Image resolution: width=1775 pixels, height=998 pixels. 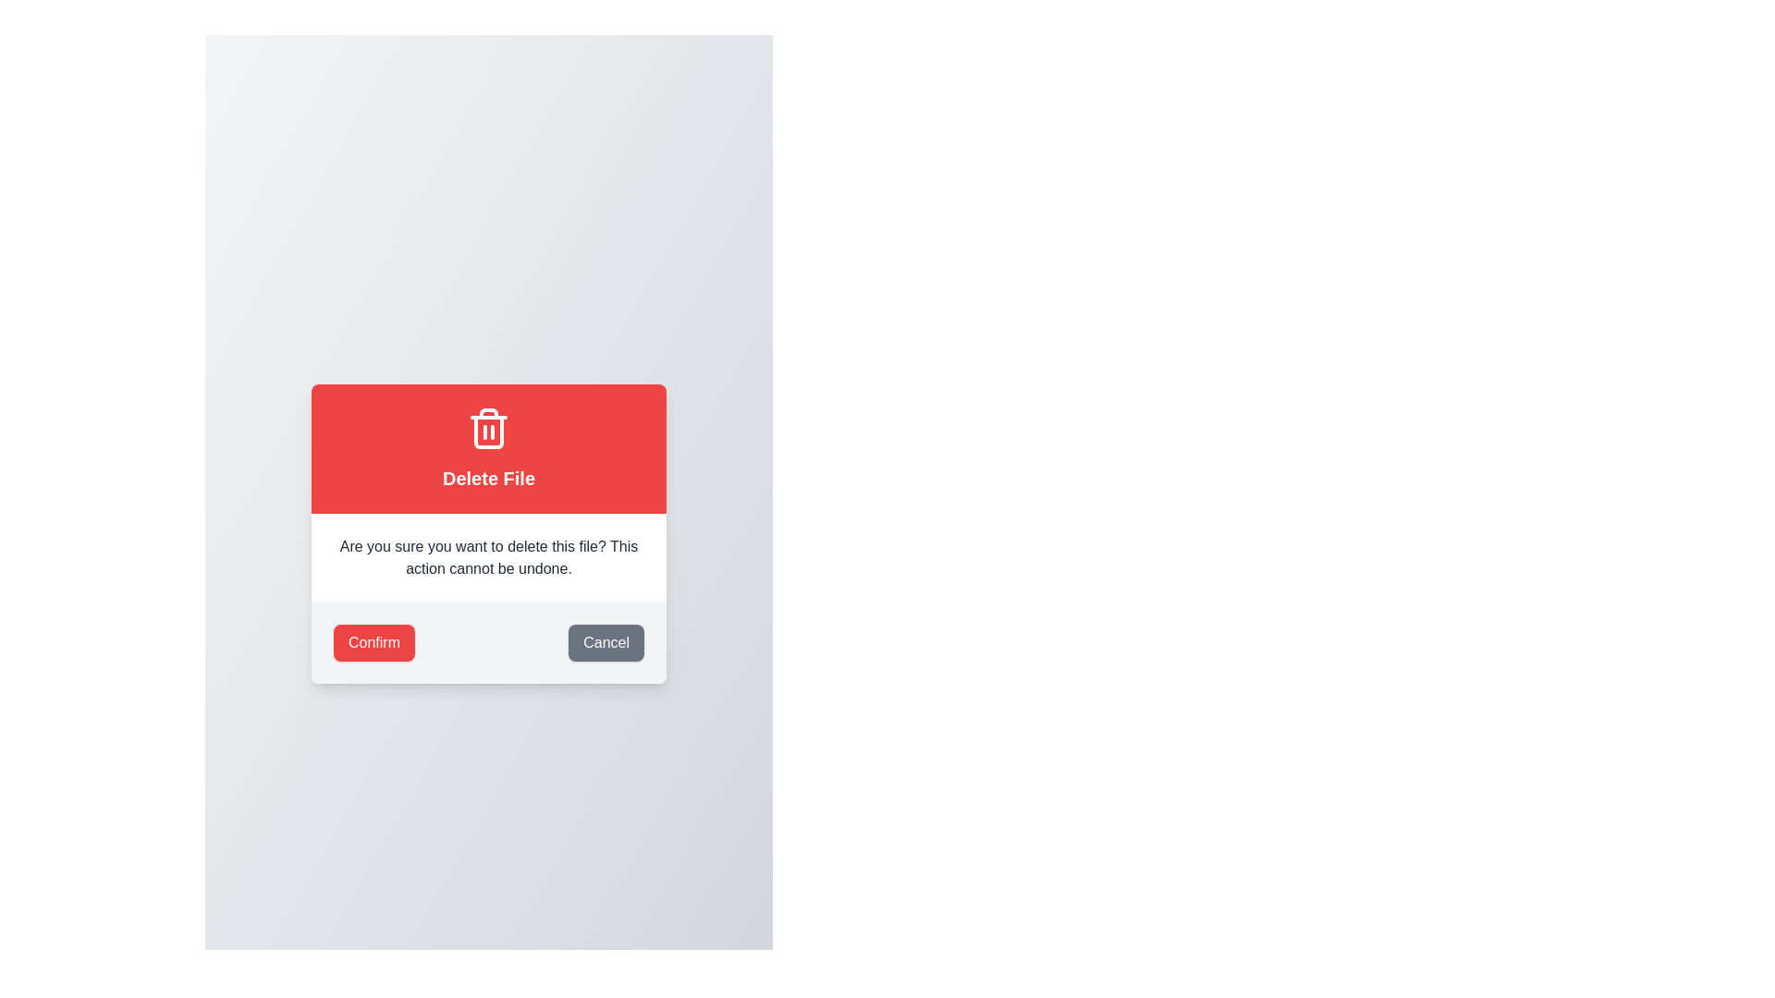 What do you see at coordinates (488, 557) in the screenshot?
I see `message displayed in the text block that says 'Are you sure you want to delete this file? This action cannot be undone.' which is located in the modal dialog box below the red header 'Delete File'` at bounding box center [488, 557].